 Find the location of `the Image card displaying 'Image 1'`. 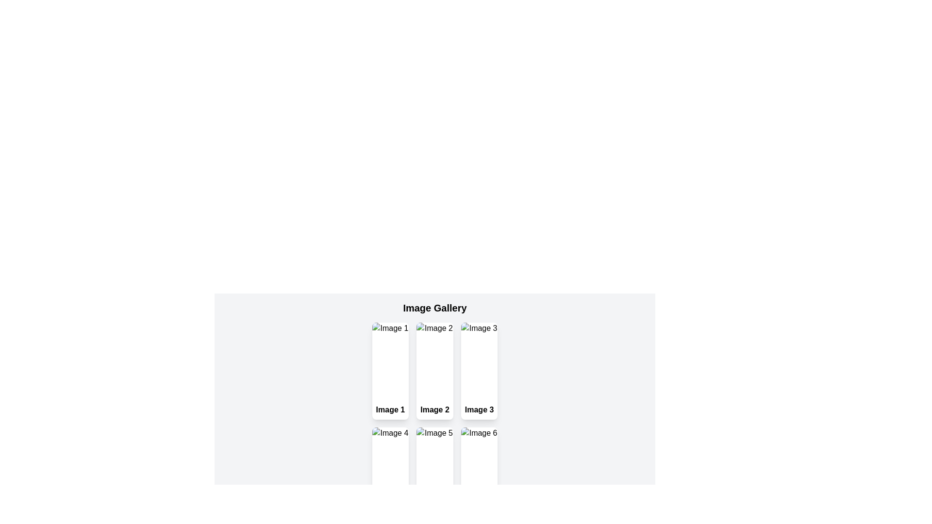

the Image card displaying 'Image 1' is located at coordinates (390, 371).